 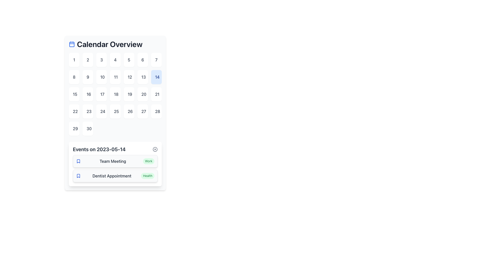 What do you see at coordinates (156, 59) in the screenshot?
I see `the calendar day button representing the date '7'` at bounding box center [156, 59].